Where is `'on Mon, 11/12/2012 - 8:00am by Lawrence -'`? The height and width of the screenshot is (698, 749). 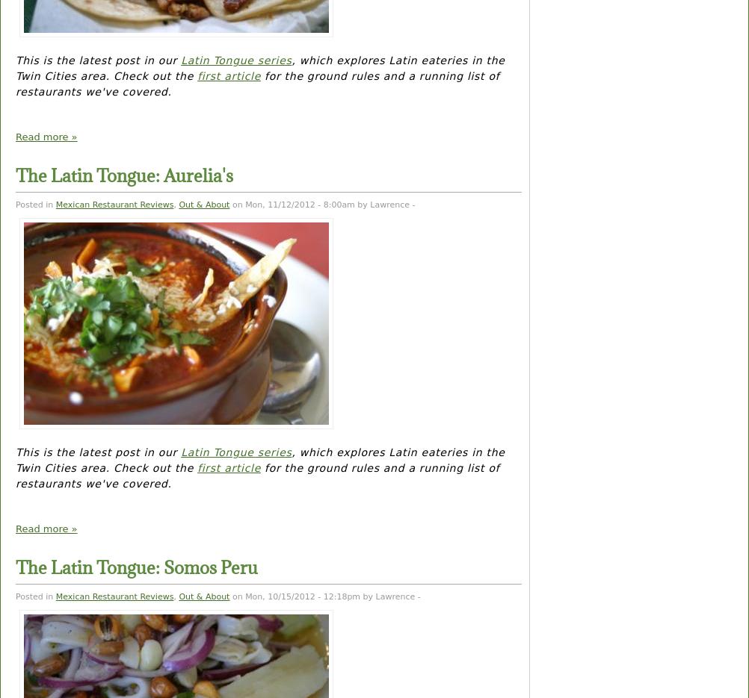
'on Mon, 11/12/2012 - 8:00am by Lawrence -' is located at coordinates (229, 204).